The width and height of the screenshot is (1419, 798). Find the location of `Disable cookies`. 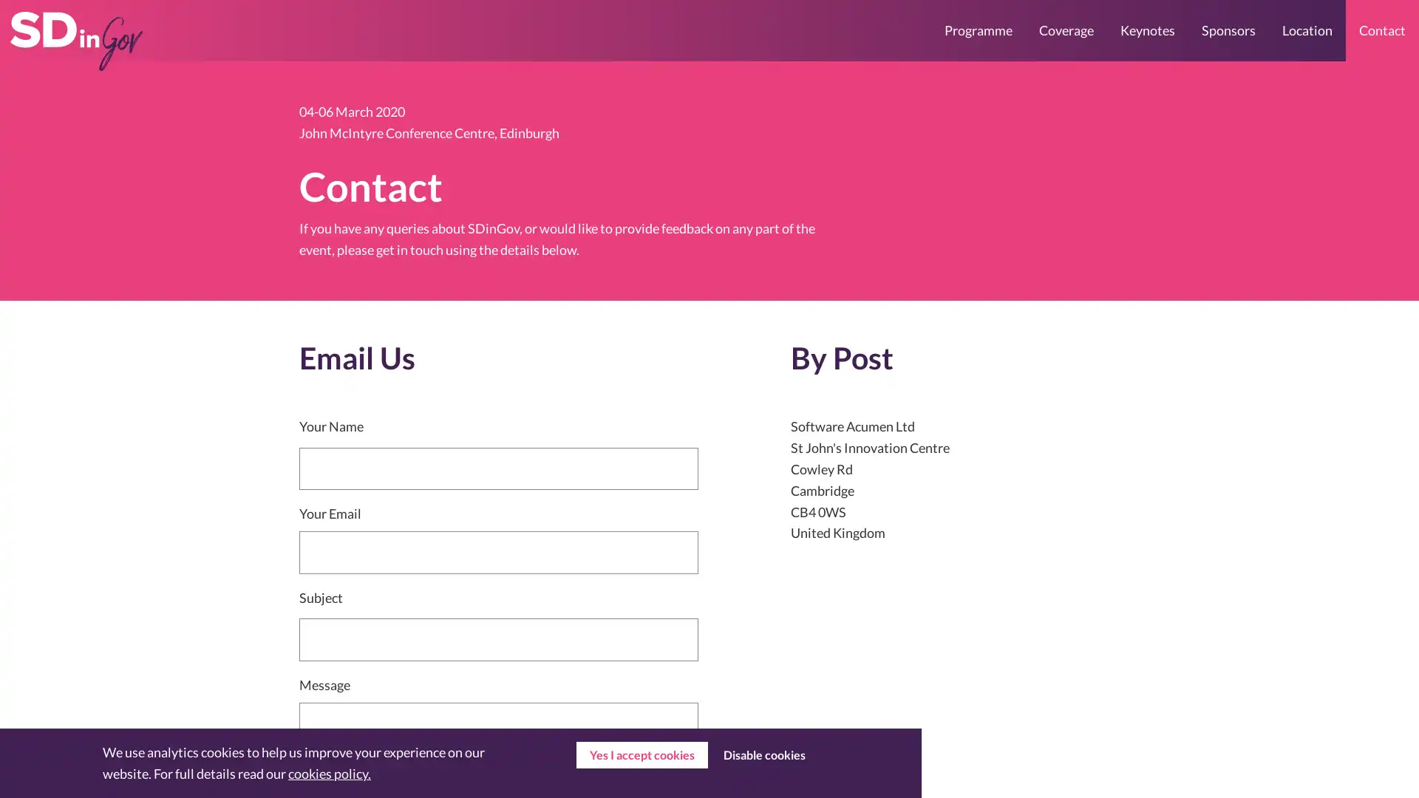

Disable cookies is located at coordinates (763, 755).